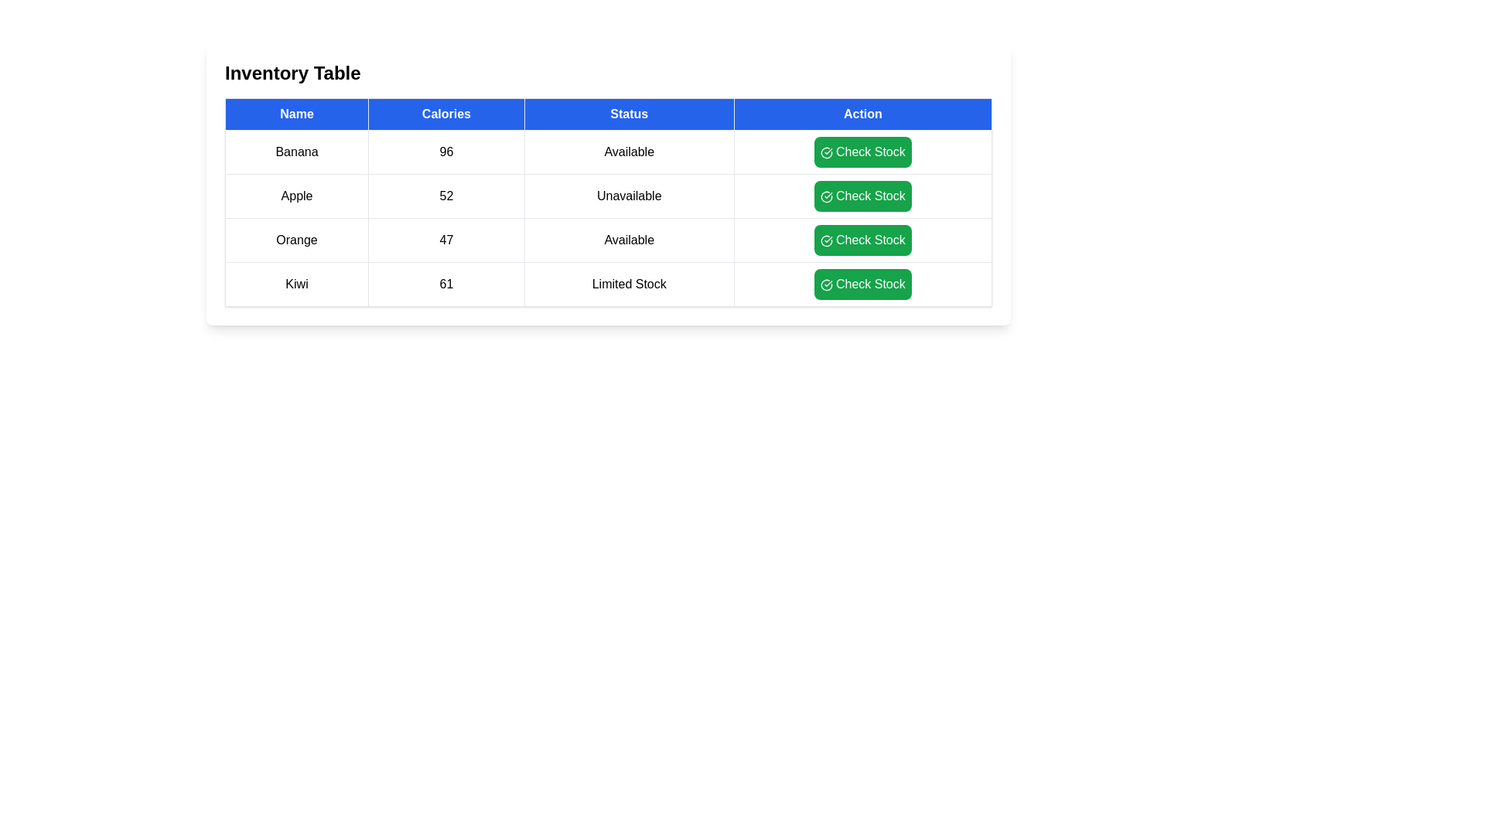 The width and height of the screenshot is (1485, 835). Describe the element at coordinates (297, 240) in the screenshot. I see `the row corresponding to Orange by clicking on it` at that location.